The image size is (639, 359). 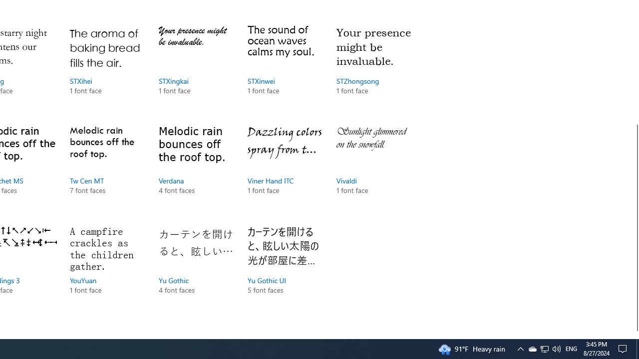 What do you see at coordinates (196, 70) in the screenshot?
I see `'STXingkai, 1 font face'` at bounding box center [196, 70].